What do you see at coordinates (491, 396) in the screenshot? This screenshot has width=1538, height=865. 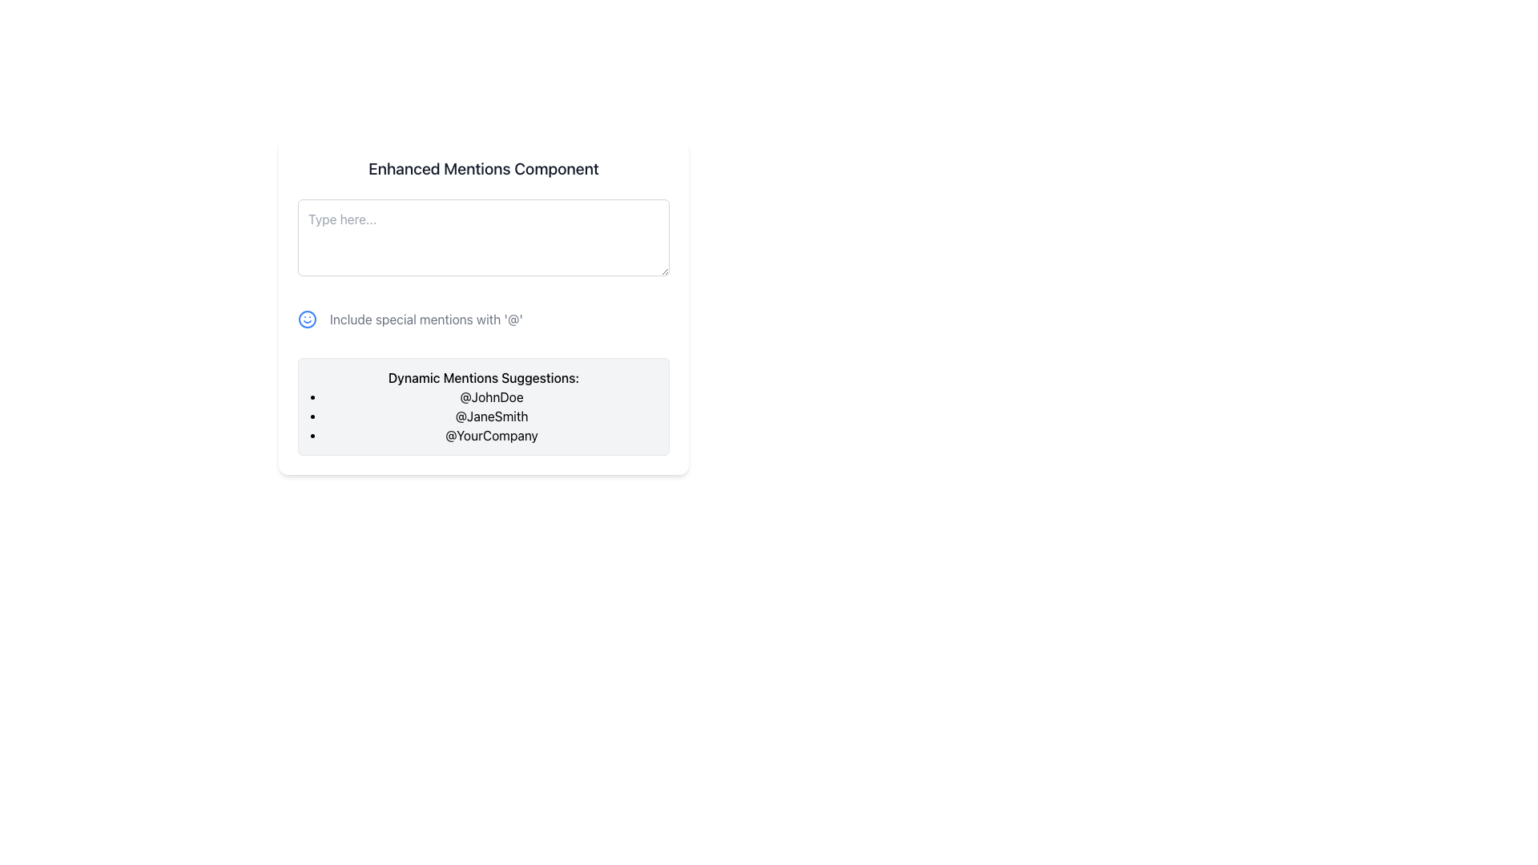 I see `the first mention suggestion '@JohnDoe' in the suggestion box under the text input field labeled 'Enhanced Mentions Component'` at bounding box center [491, 396].